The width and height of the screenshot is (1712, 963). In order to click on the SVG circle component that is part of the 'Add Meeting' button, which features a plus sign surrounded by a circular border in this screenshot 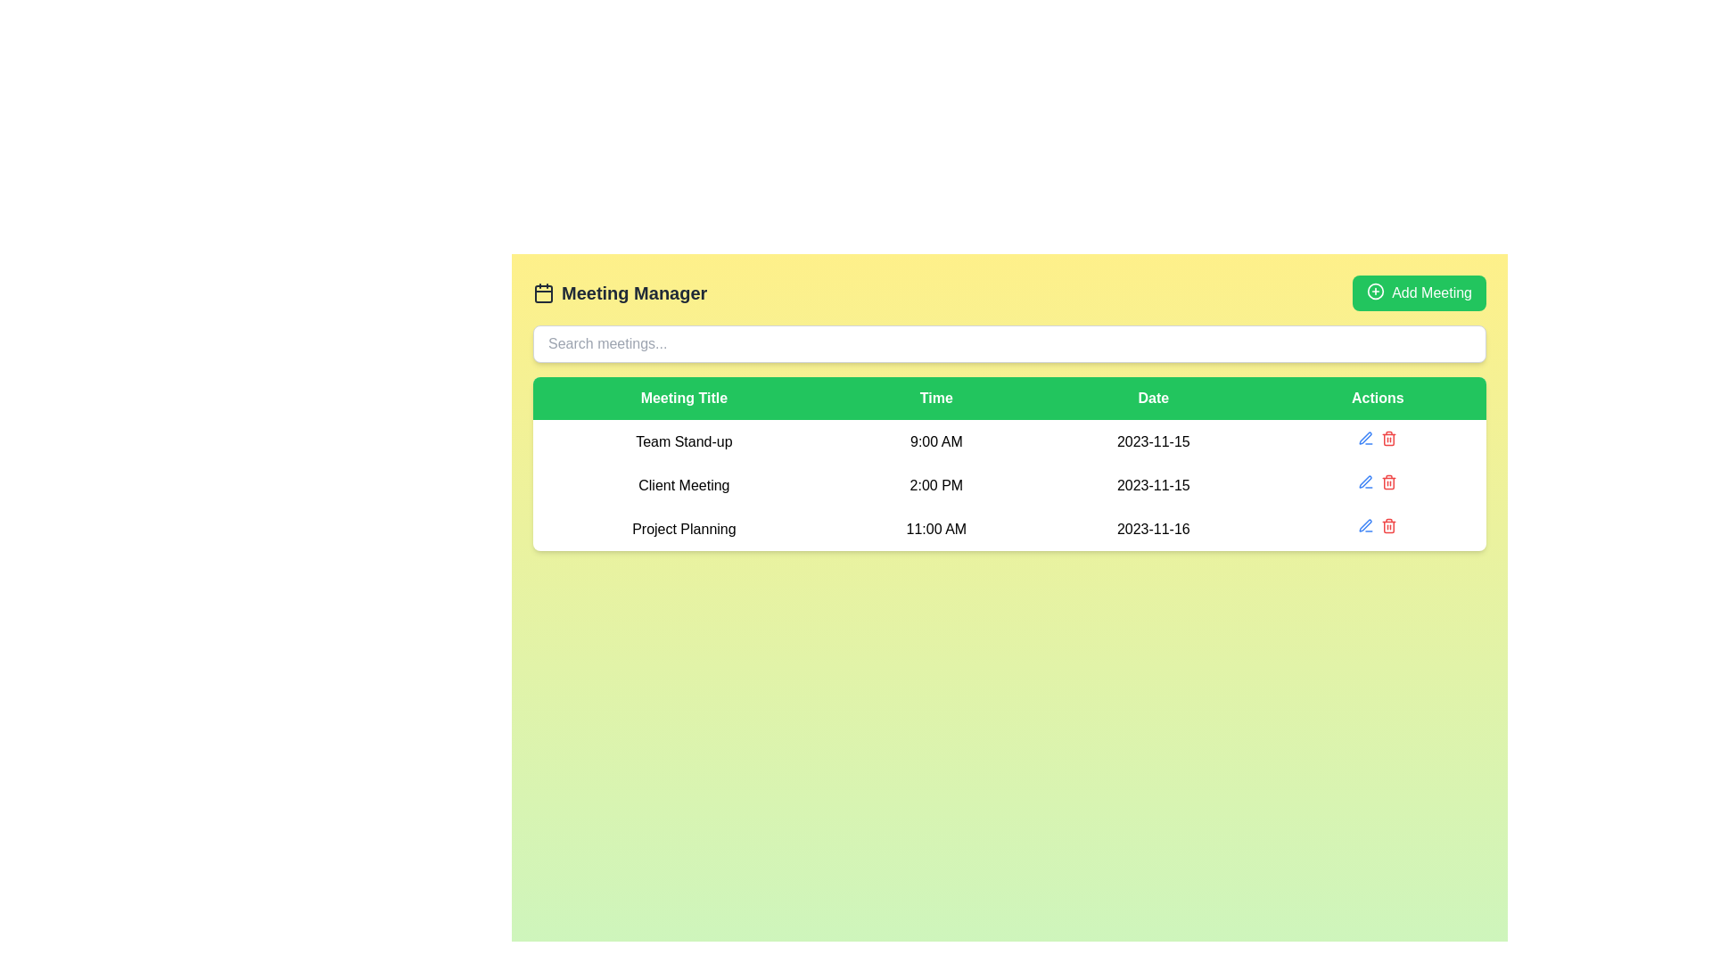, I will do `click(1375, 291)`.